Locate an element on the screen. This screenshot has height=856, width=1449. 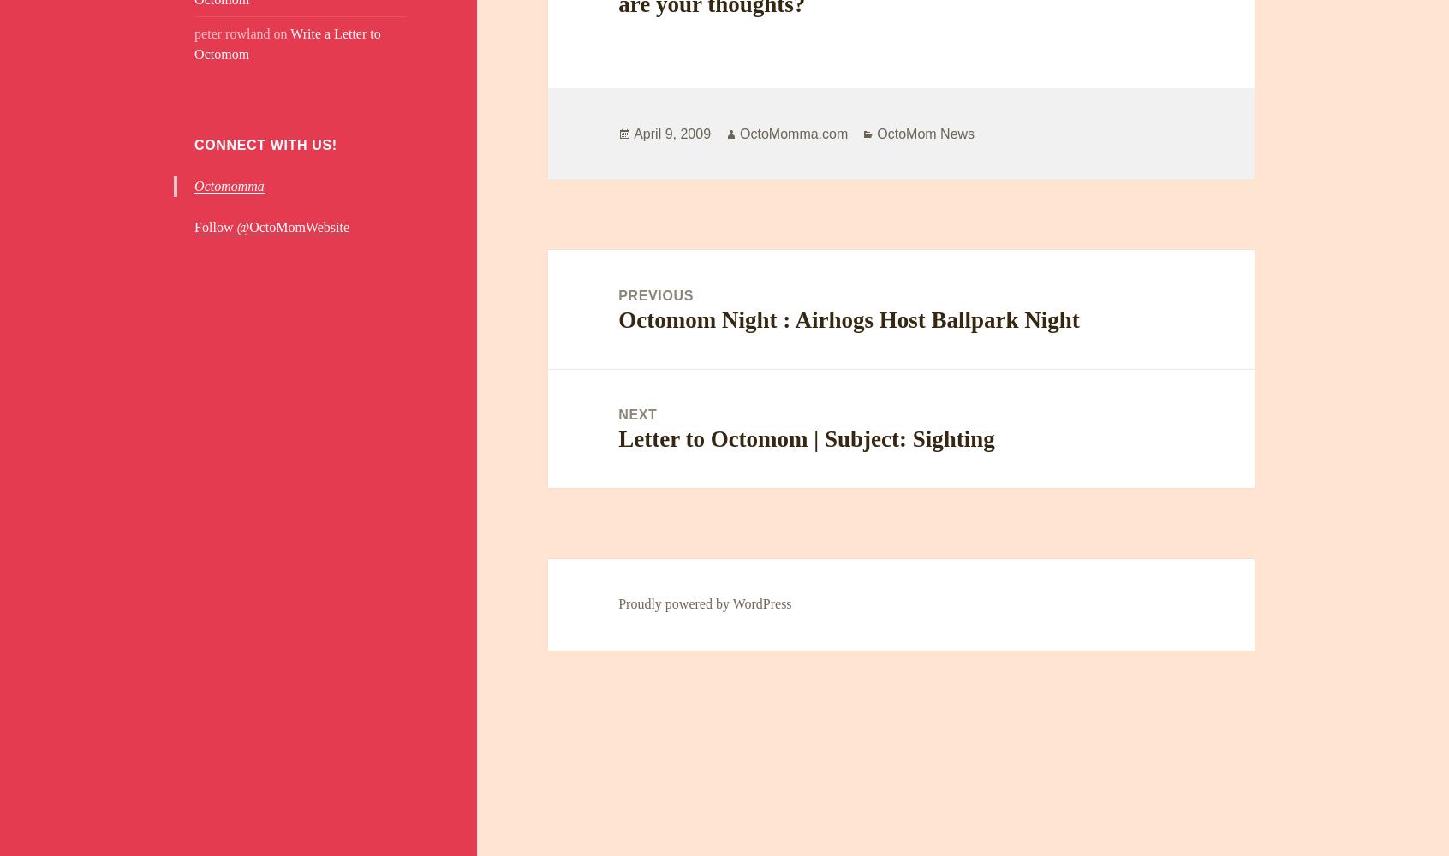
'Letter to Octomom | Subject: Sighting' is located at coordinates (617, 439).